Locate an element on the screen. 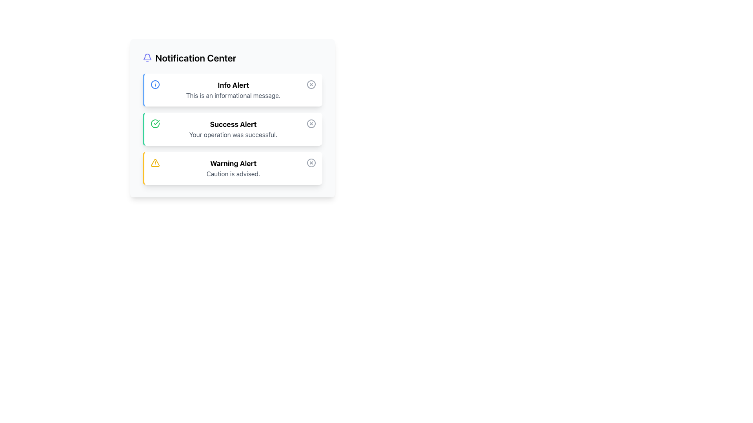 The image size is (753, 423). the circular icon with a green border and white interior featuring a green check mark, which is located next to the text 'Success Alert Your operation was successful.' is located at coordinates (155, 123).